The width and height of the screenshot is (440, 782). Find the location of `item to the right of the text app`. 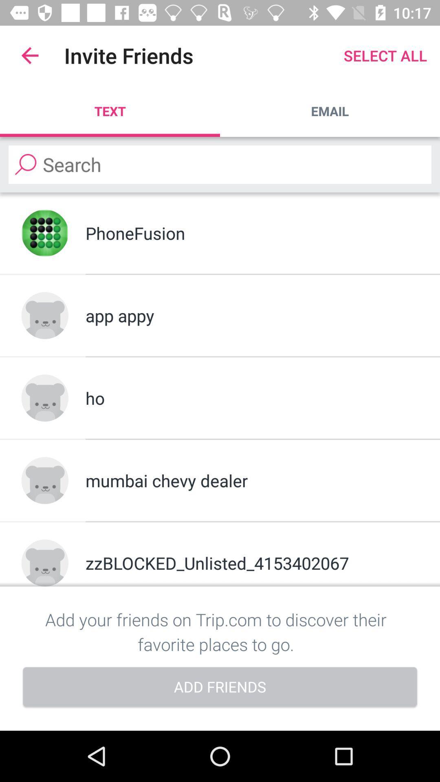

item to the right of the text app is located at coordinates (330, 111).